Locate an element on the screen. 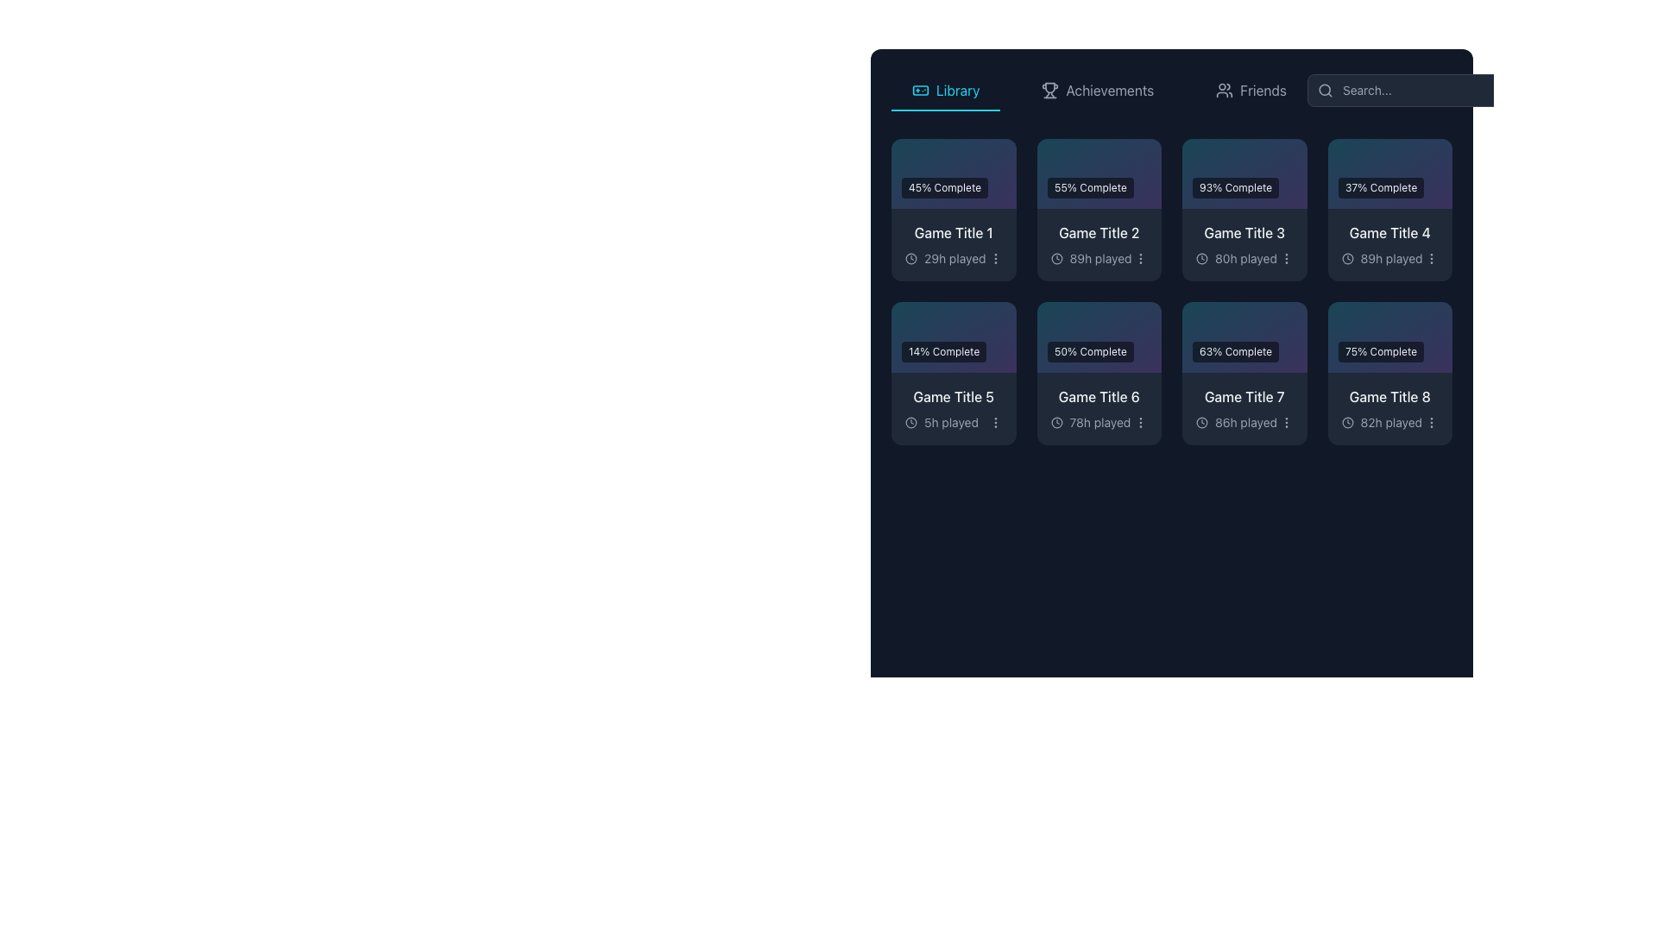 The height and width of the screenshot is (932, 1657). the Overflow menu icon (triple-dot icon) located at the bottom-right corner of the 'Game Title 8' card is located at coordinates (1432, 422).